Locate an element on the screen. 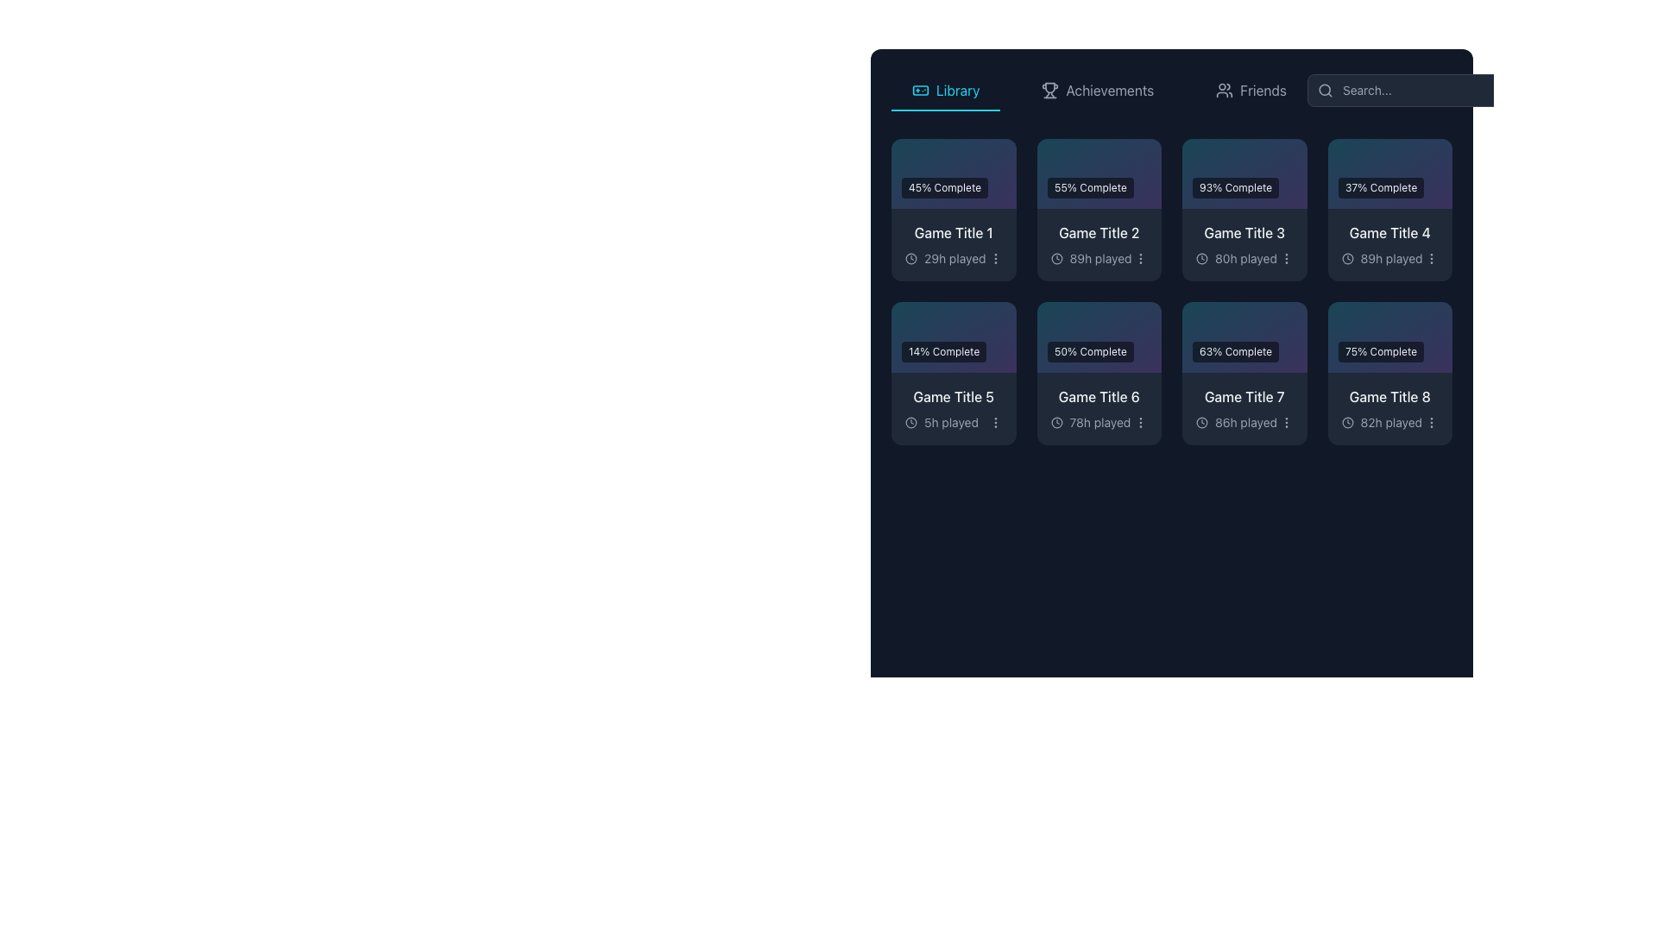 The height and width of the screenshot is (932, 1657). the Overflow menu icon (triple-dot icon) located at the bottom-right corner of the 'Game Title 8' card is located at coordinates (1432, 422).